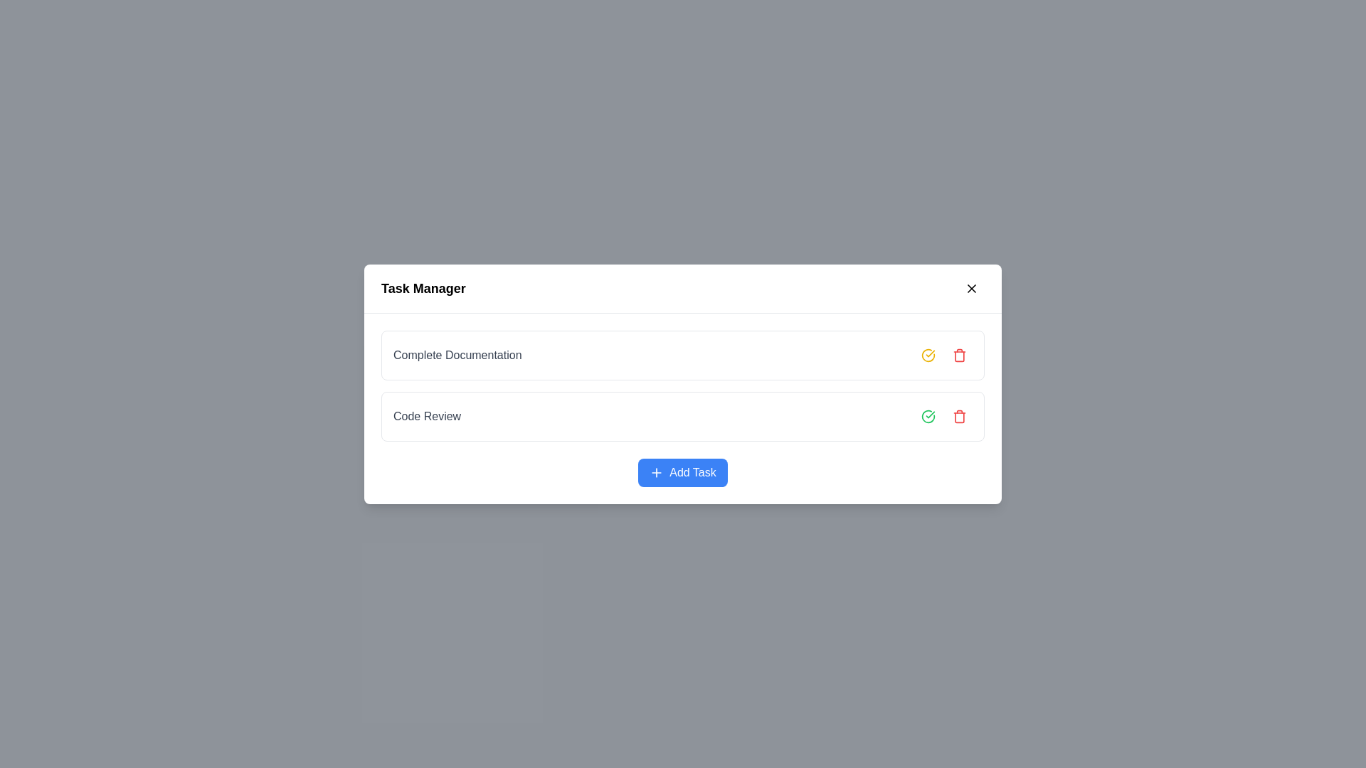 The width and height of the screenshot is (1366, 768). I want to click on the 'Add Task' button, which is a rectangular button with a blue background and white text featuring a plus icon, located in the 'Task Manager' interface, so click(683, 472).